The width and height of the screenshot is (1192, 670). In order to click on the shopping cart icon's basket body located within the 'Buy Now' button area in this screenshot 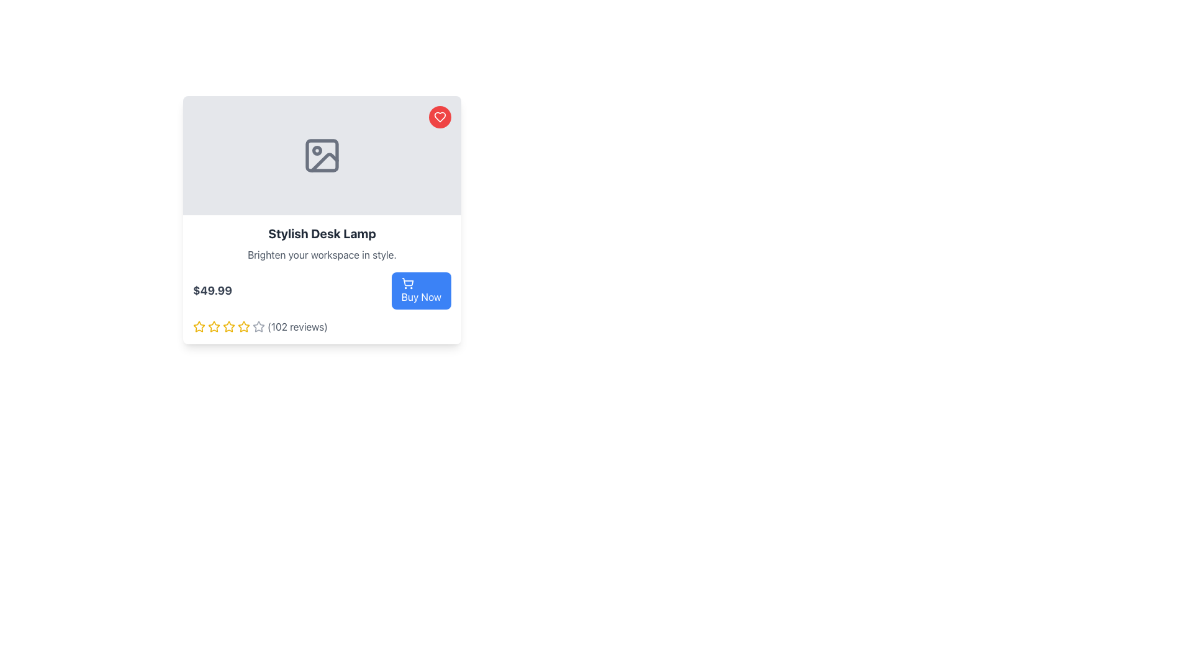, I will do `click(407, 282)`.